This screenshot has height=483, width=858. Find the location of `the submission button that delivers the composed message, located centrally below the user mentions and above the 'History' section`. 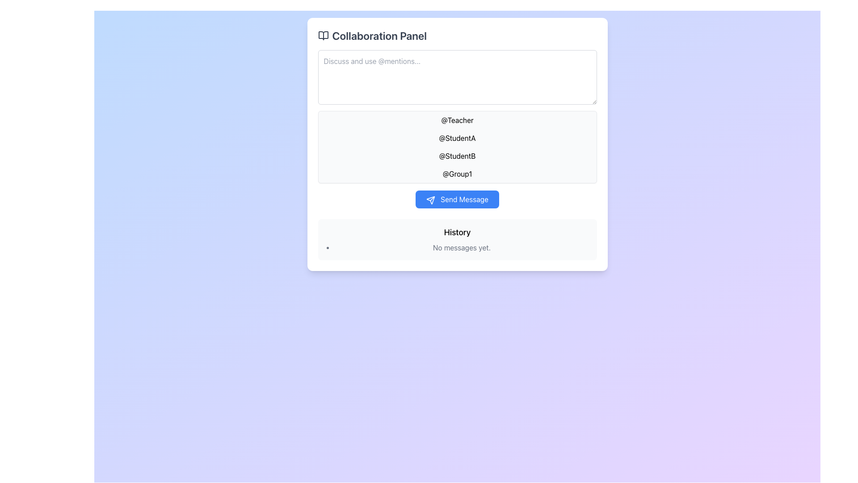

the submission button that delivers the composed message, located centrally below the user mentions and above the 'History' section is located at coordinates (457, 199).